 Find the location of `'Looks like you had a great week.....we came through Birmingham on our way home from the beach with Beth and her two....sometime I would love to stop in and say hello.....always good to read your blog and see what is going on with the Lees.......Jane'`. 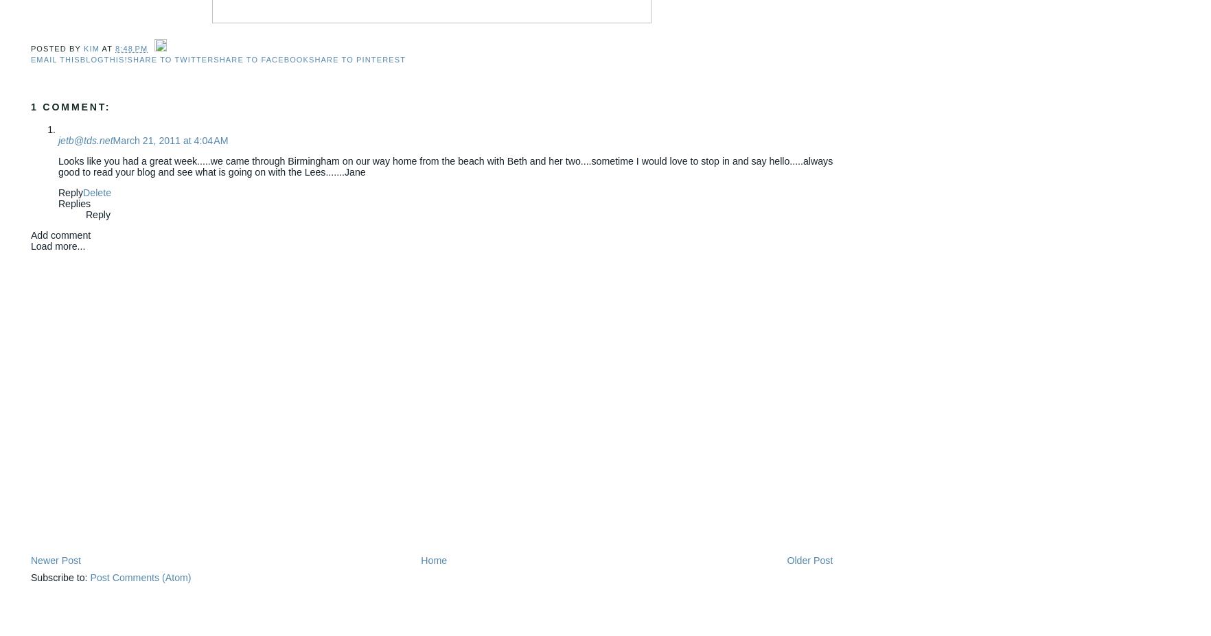

'Looks like you had a great week.....we came through Birmingham on our way home from the beach with Beth and her two....sometime I would love to stop in and say hello.....always good to read your blog and see what is going on with the Lees.......Jane' is located at coordinates (445, 166).